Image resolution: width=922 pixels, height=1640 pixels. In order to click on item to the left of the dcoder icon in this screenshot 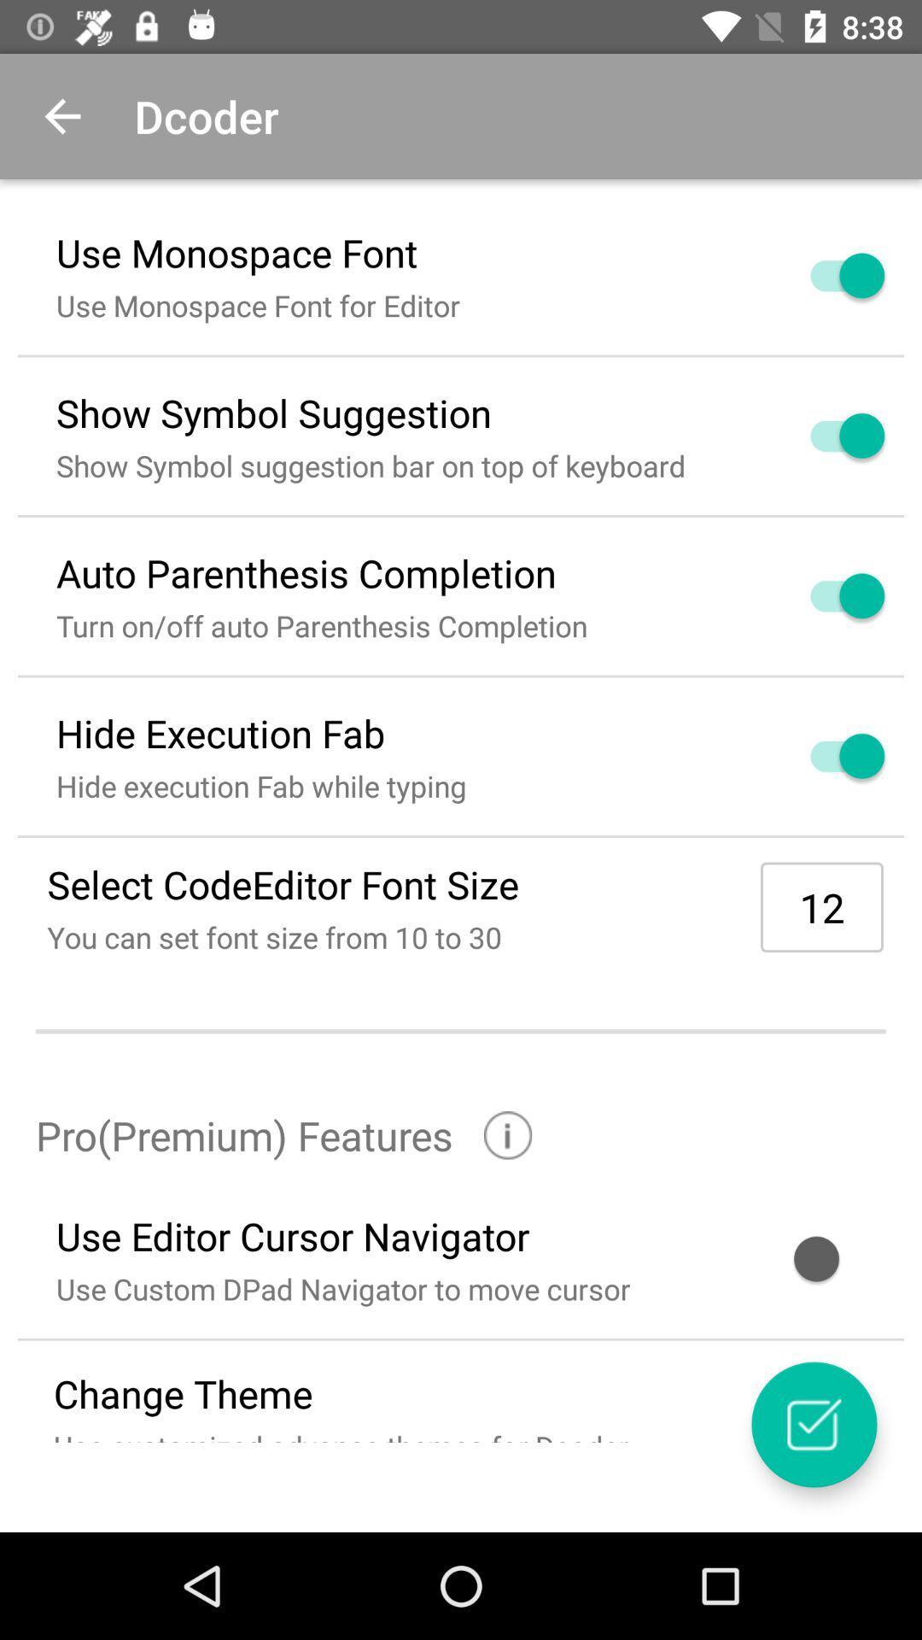, I will do `click(61, 115)`.